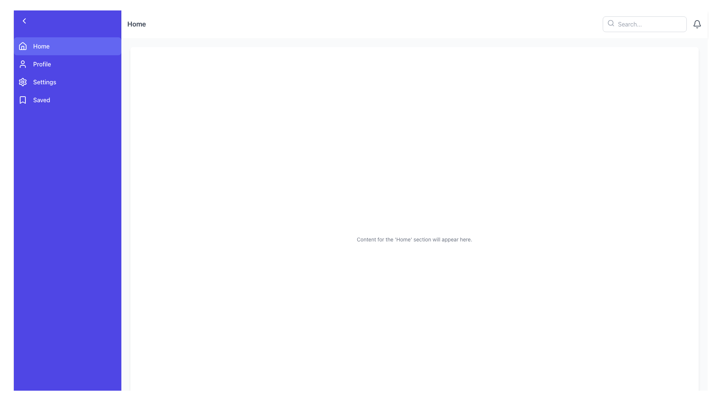  What do you see at coordinates (23, 64) in the screenshot?
I see `the 'Profile' icon located in the left navigation bar` at bounding box center [23, 64].